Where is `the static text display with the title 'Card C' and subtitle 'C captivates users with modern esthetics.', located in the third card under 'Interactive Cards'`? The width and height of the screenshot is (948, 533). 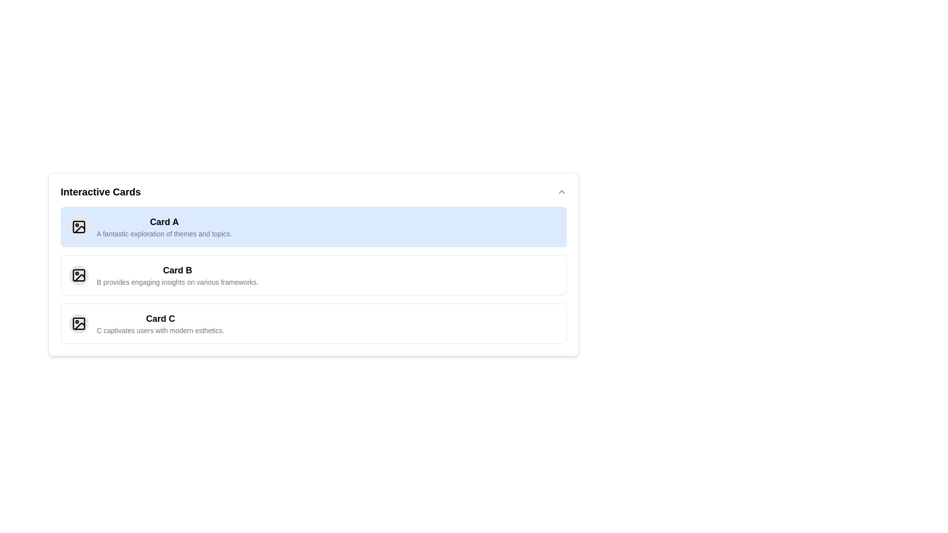 the static text display with the title 'Card C' and subtitle 'C captivates users with modern esthetics.', located in the third card under 'Interactive Cards' is located at coordinates (160, 323).